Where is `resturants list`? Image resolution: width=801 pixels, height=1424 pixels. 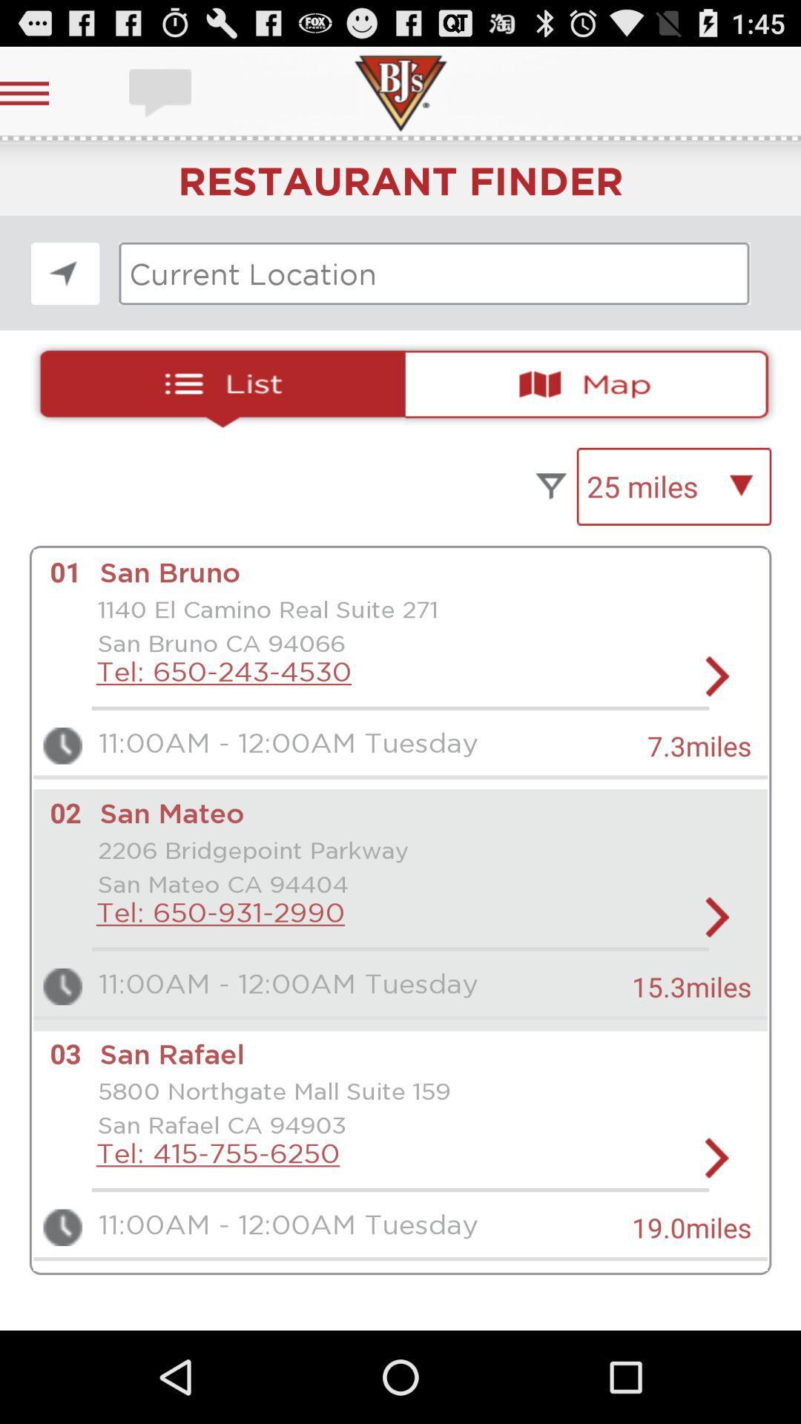 resturants list is located at coordinates (217, 384).